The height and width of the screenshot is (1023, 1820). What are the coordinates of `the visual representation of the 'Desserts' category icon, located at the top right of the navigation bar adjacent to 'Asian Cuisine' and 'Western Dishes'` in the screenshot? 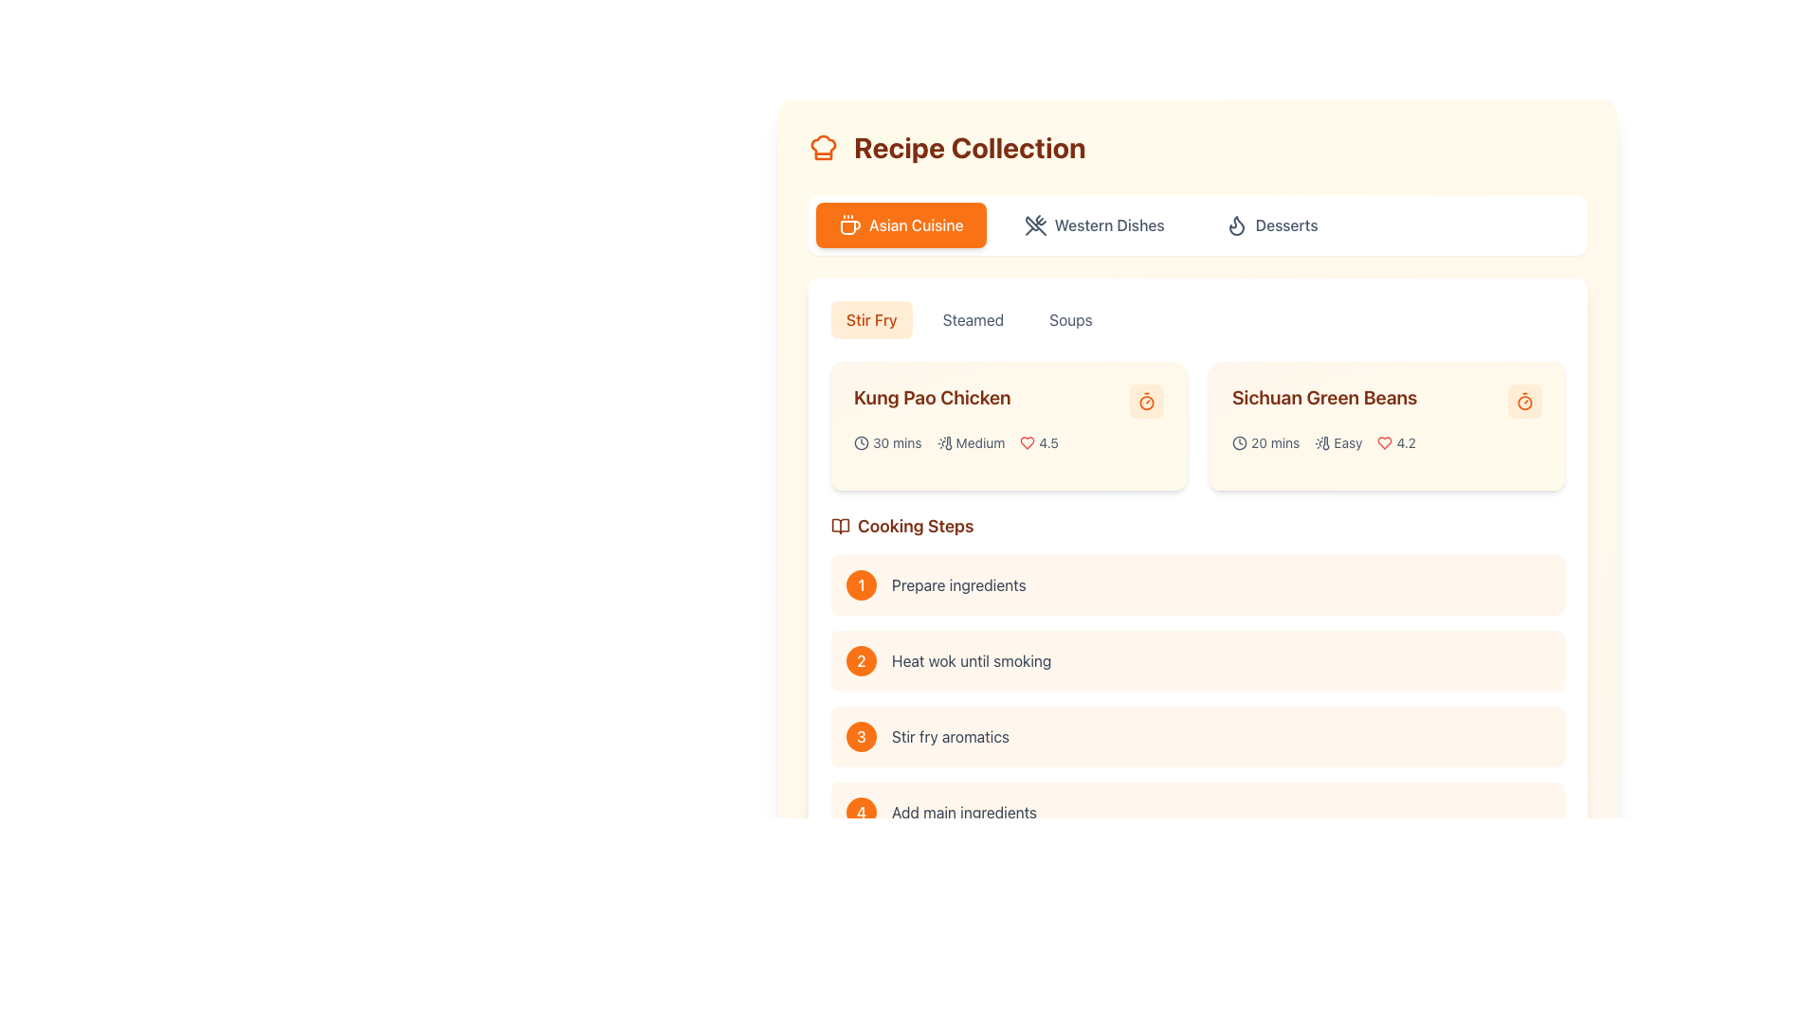 It's located at (1236, 224).